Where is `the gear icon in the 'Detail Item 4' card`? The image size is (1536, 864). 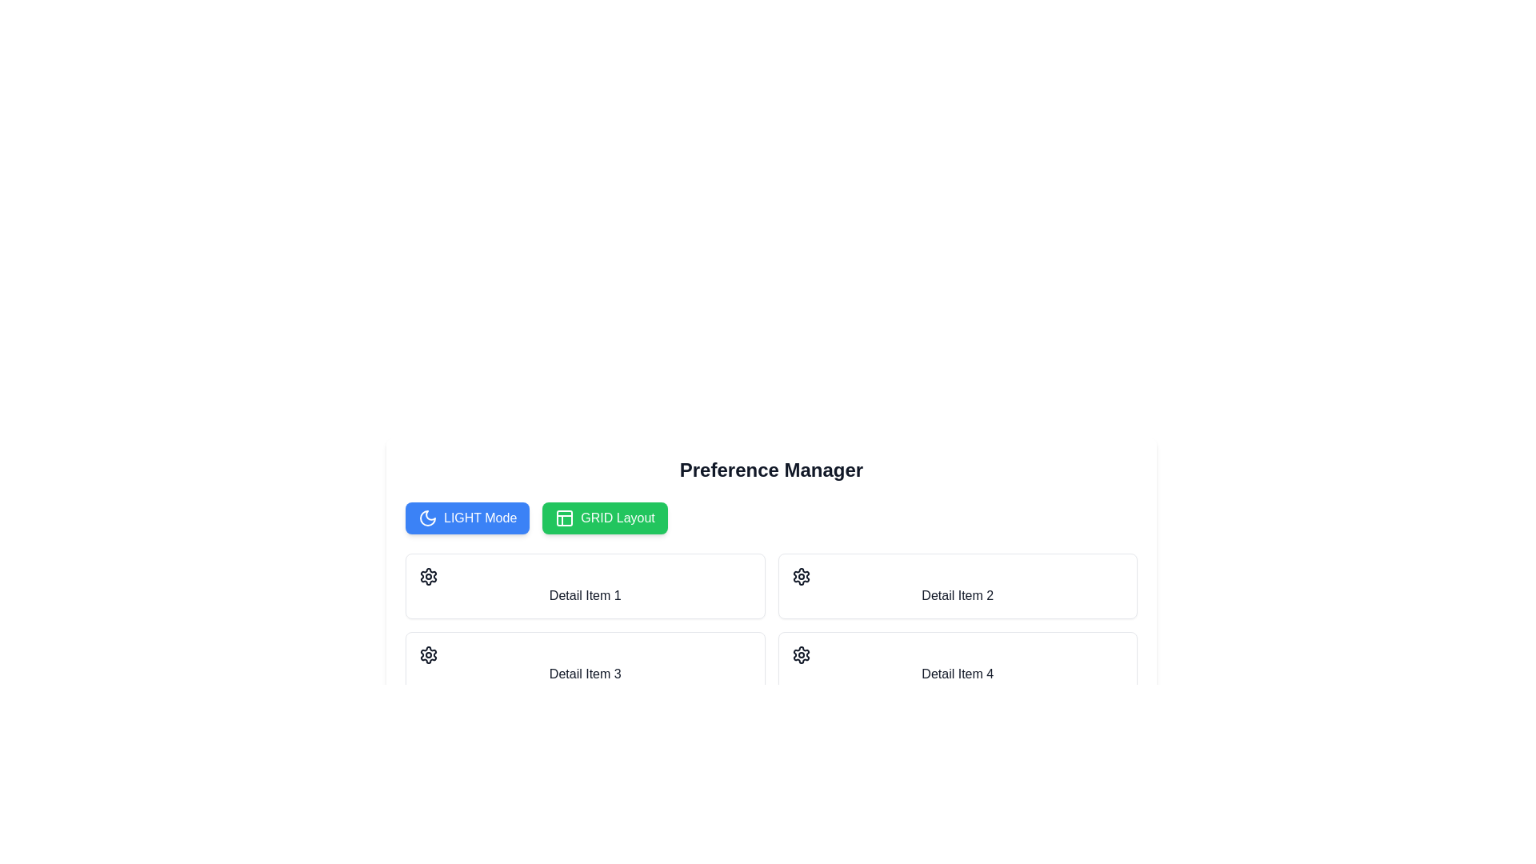 the gear icon in the 'Detail Item 4' card is located at coordinates (801, 654).